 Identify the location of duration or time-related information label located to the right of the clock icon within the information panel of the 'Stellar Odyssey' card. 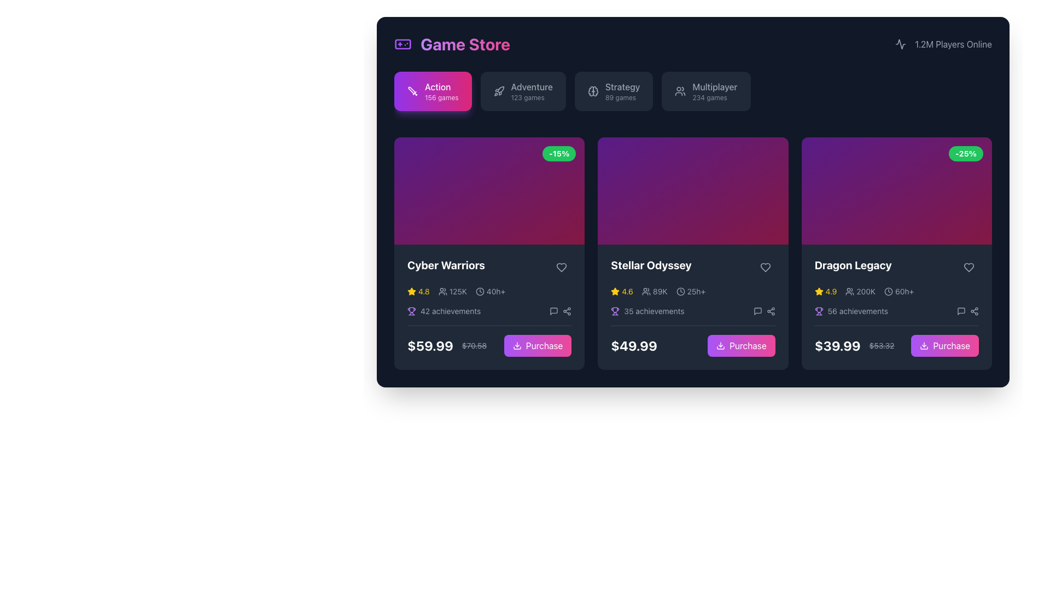
(696, 291).